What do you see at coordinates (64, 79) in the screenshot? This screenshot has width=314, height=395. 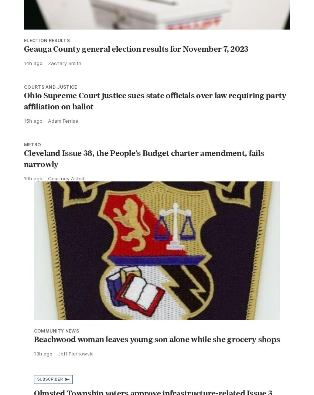 I see `'Zachary Smith'` at bounding box center [64, 79].